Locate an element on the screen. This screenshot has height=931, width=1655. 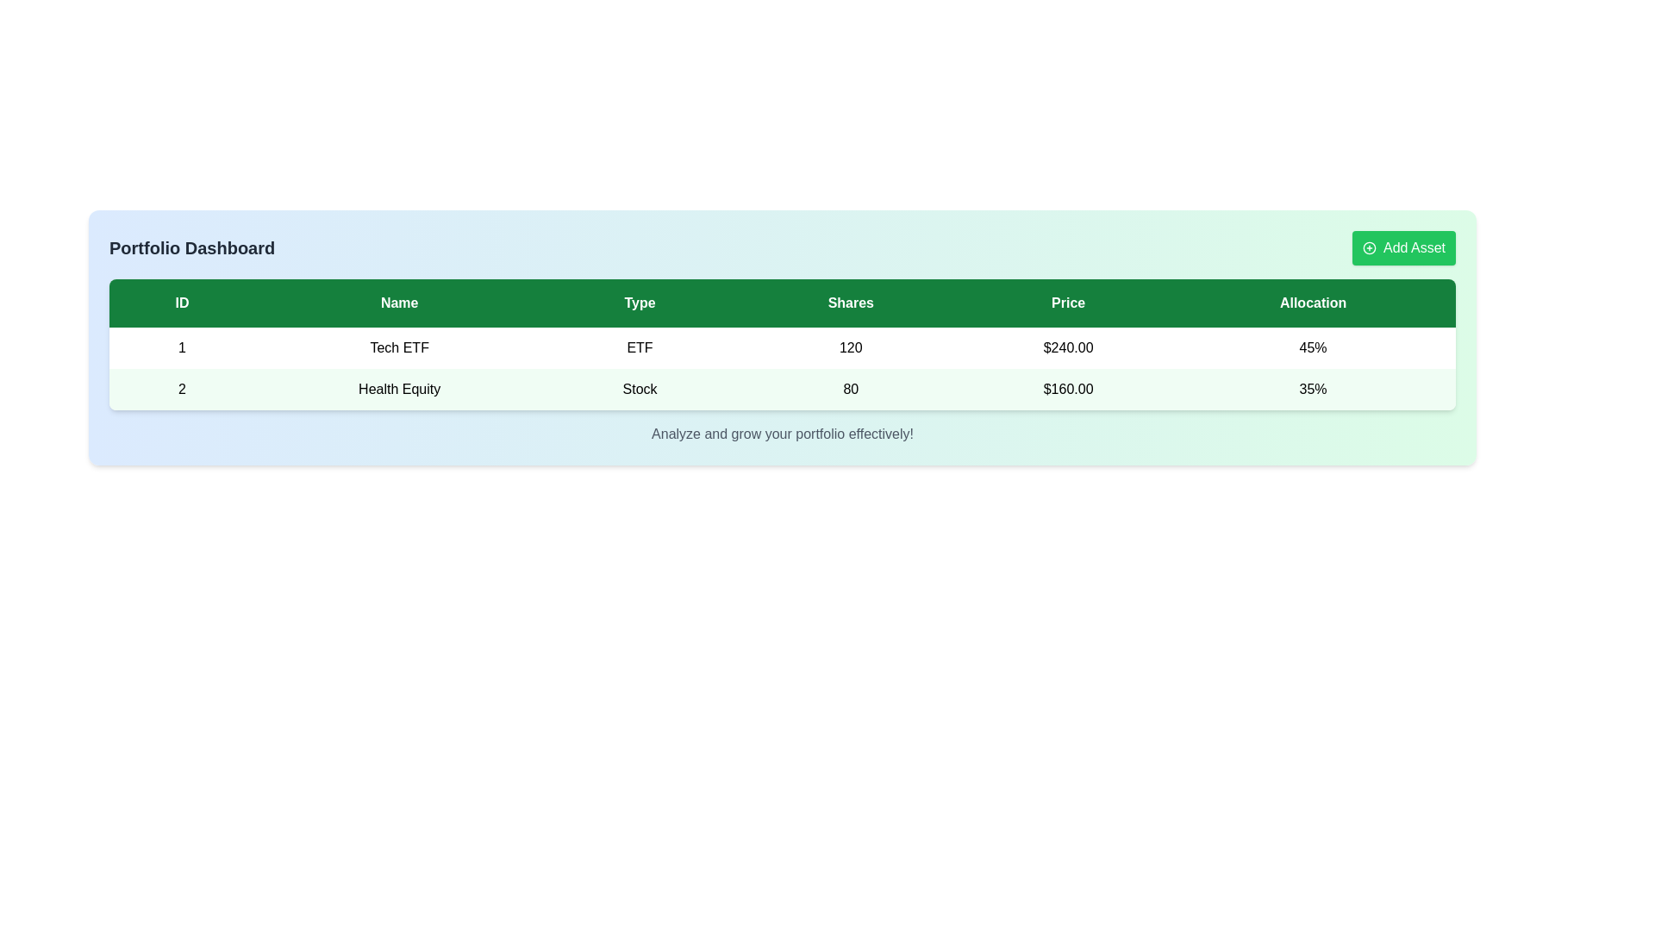
the Table Header that categorizes the third column in the header row of a table, located between 'Name' and 'Shares' is located at coordinates (639, 302).